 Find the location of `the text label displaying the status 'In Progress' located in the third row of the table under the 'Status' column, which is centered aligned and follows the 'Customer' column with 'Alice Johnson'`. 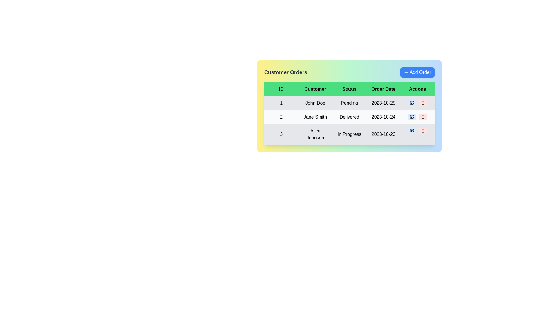

the text label displaying the status 'In Progress' located in the third row of the table under the 'Status' column, which is centered aligned and follows the 'Customer' column with 'Alice Johnson' is located at coordinates (349, 134).